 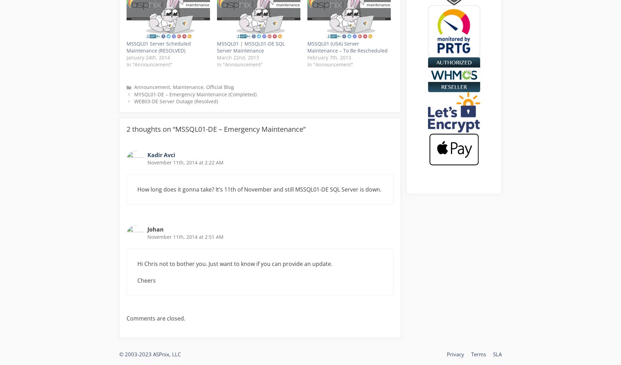 What do you see at coordinates (119, 354) in the screenshot?
I see `'© 2003-2023'` at bounding box center [119, 354].